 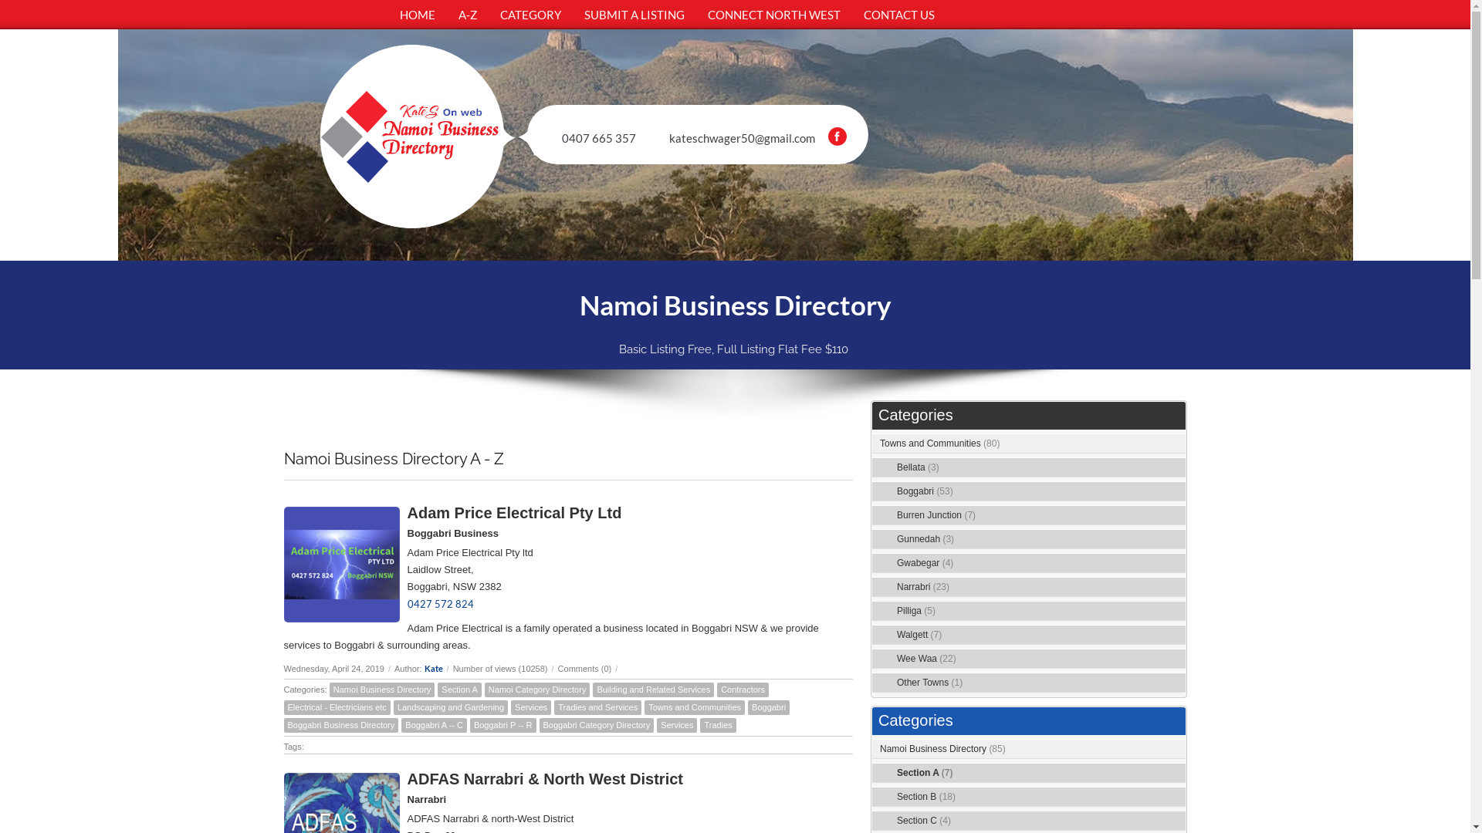 I want to click on 'Gwabegar (4)', so click(x=925, y=562).